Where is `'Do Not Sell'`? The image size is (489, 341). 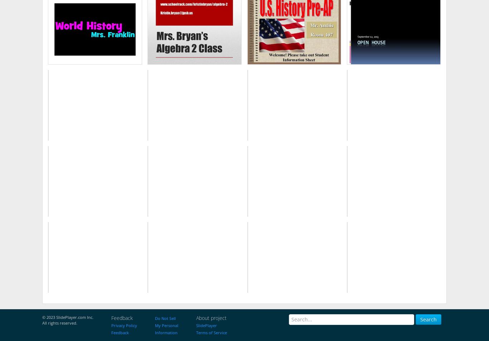
'Do Not Sell' is located at coordinates (165, 318).